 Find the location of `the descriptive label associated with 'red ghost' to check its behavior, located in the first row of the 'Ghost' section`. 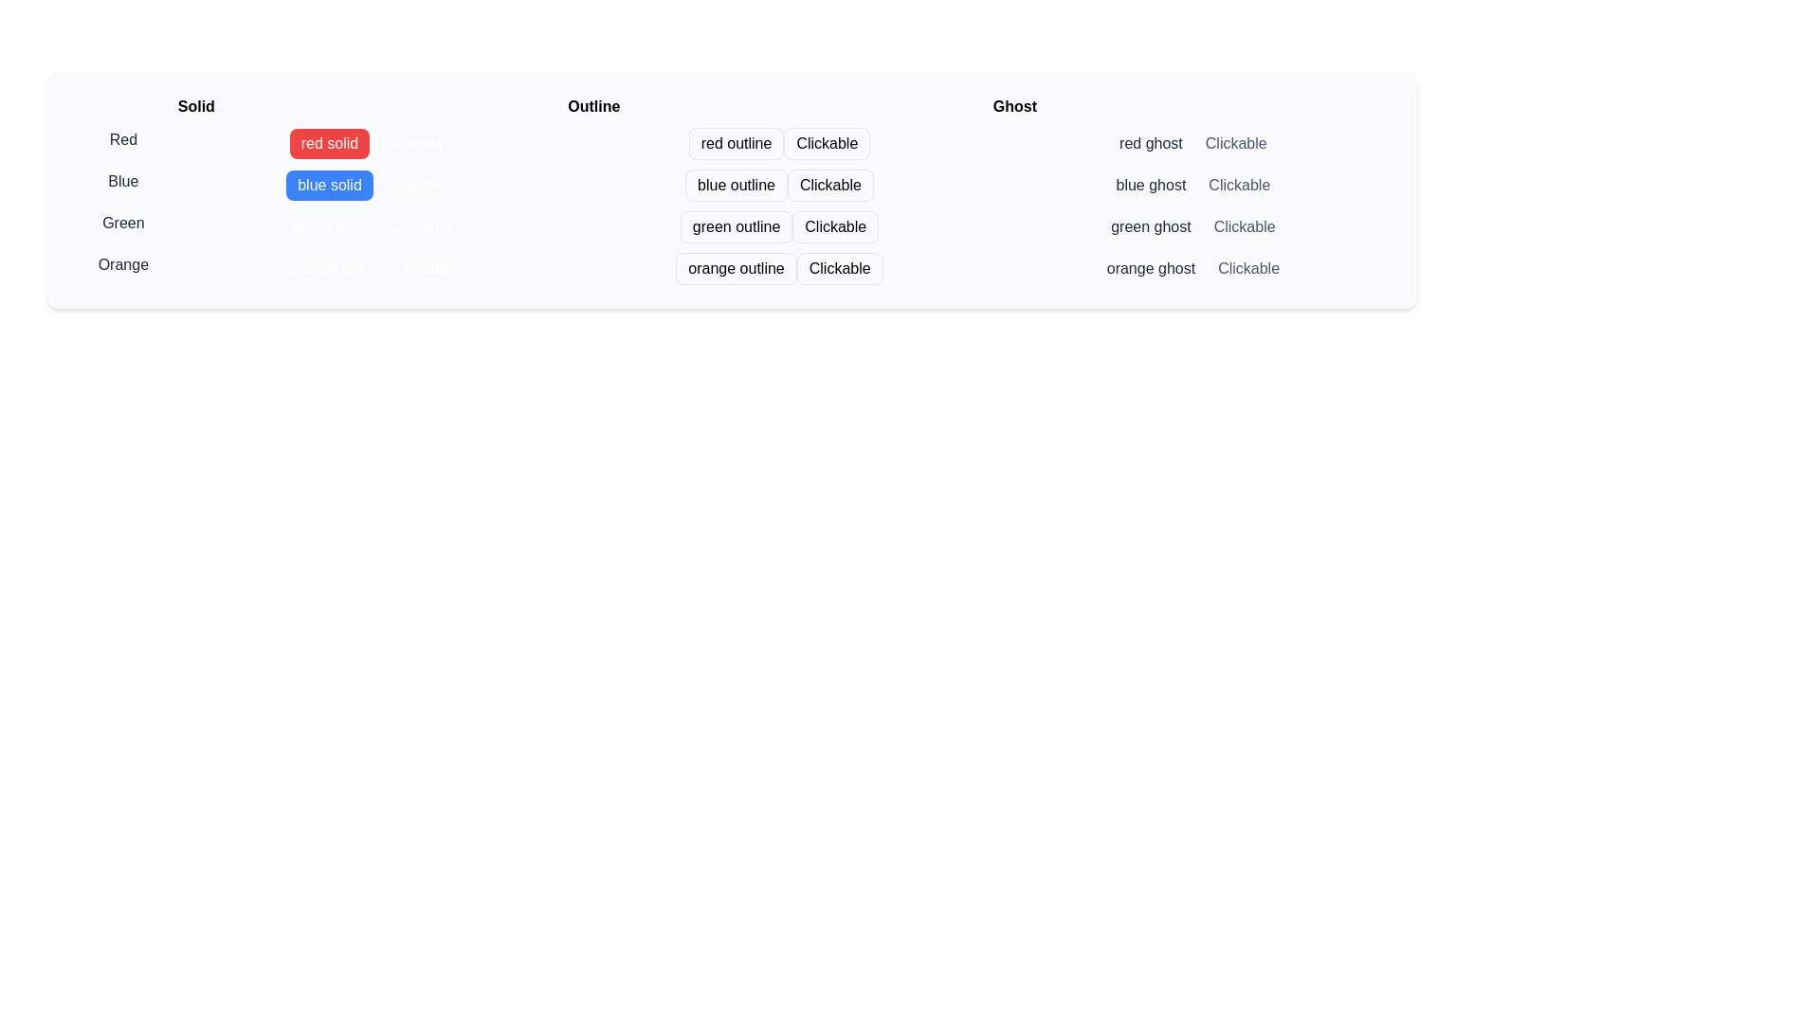

the descriptive label associated with 'red ghost' to check its behavior, located in the first row of the 'Ghost' section is located at coordinates (1236, 142).